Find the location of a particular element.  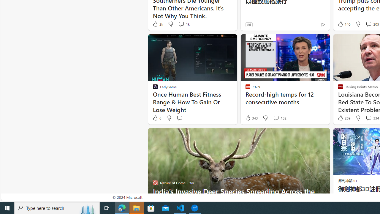

'140 Like' is located at coordinates (343, 24).